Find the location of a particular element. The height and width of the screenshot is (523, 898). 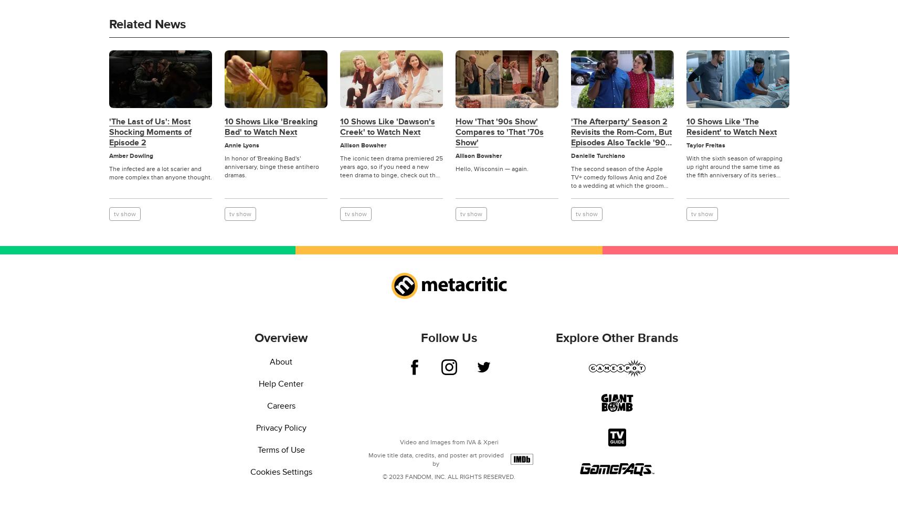

''The Afterparty' Season 2 Revisits the Rom-Com, But Episodes Also Tackle '90s Erotic Thriller and 'Twee Indie Film' Styles' is located at coordinates (620, 141).